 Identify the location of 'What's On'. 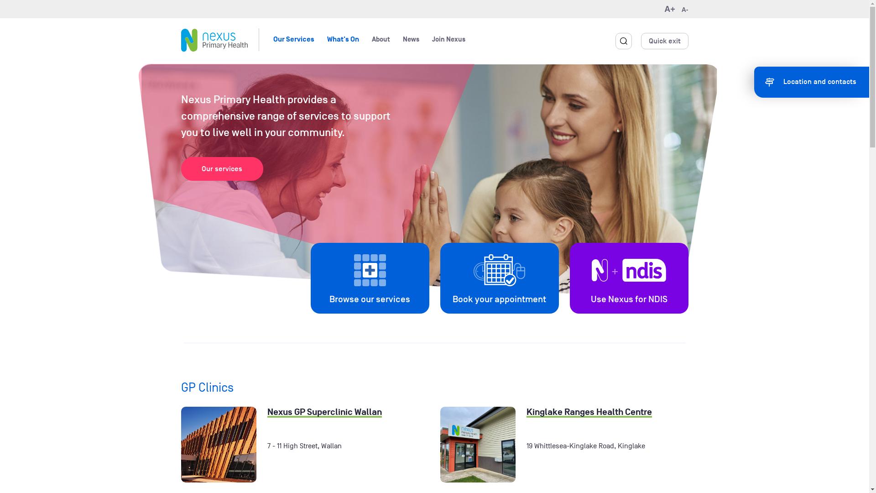
(342, 39).